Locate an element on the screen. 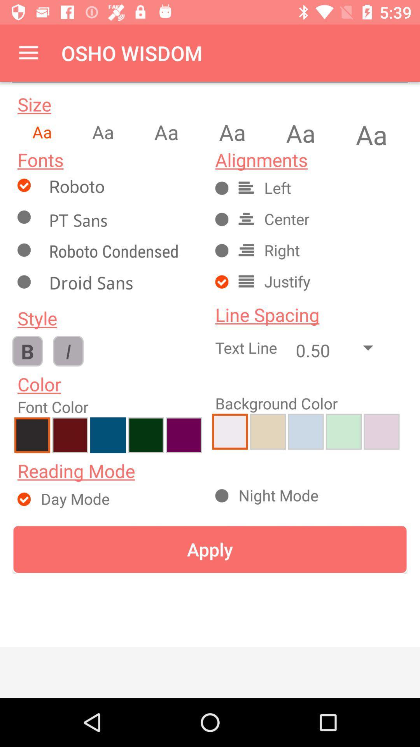 The width and height of the screenshot is (420, 747). make background color yellow is located at coordinates (267, 431).